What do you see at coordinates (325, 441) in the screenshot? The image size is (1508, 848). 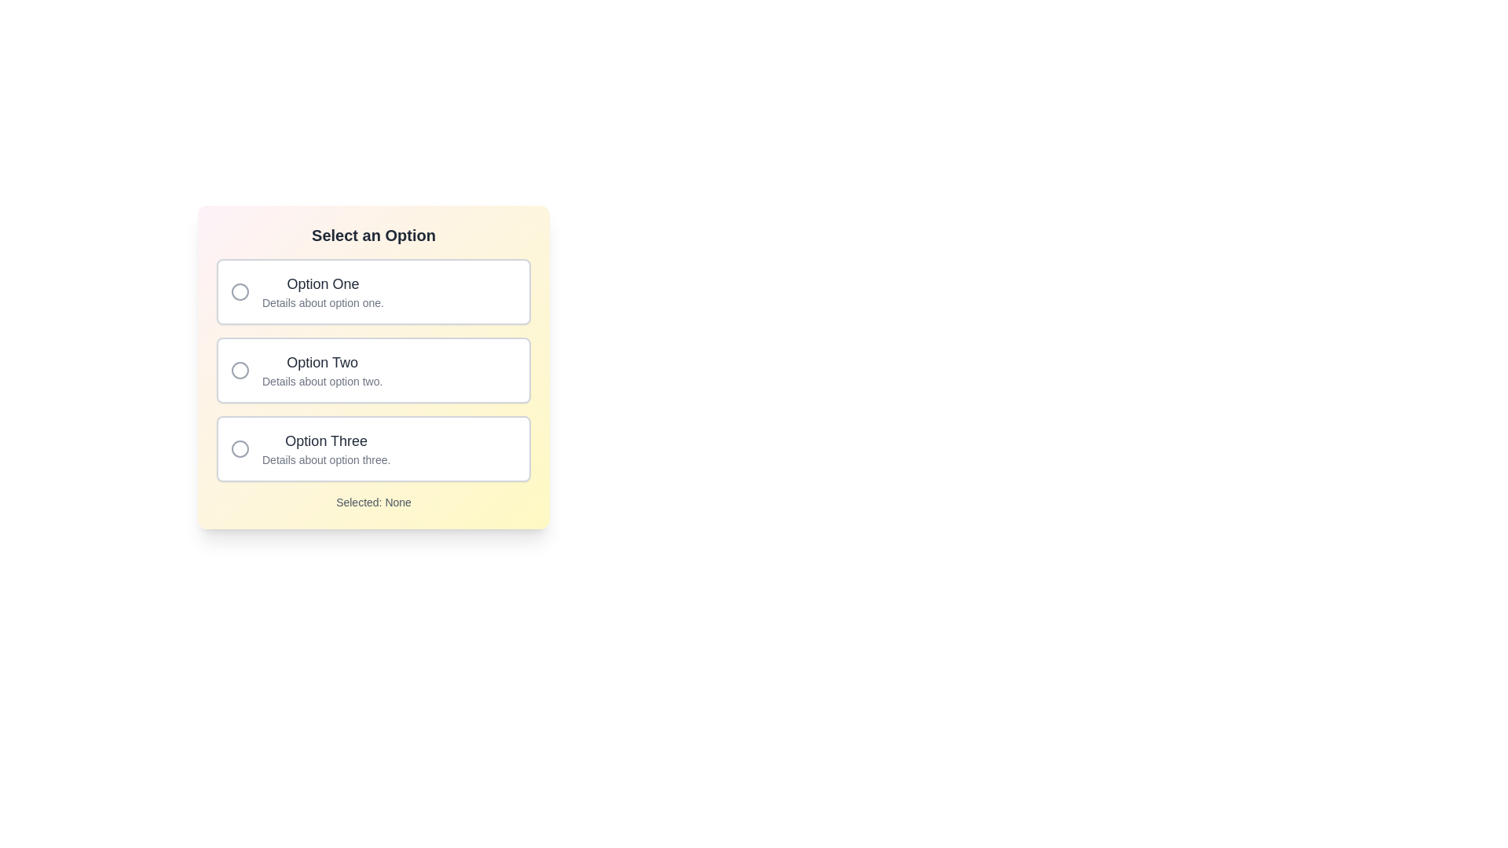 I see `the text label for the third selectable option, which serves as a title indicating the option being referred to` at bounding box center [325, 441].